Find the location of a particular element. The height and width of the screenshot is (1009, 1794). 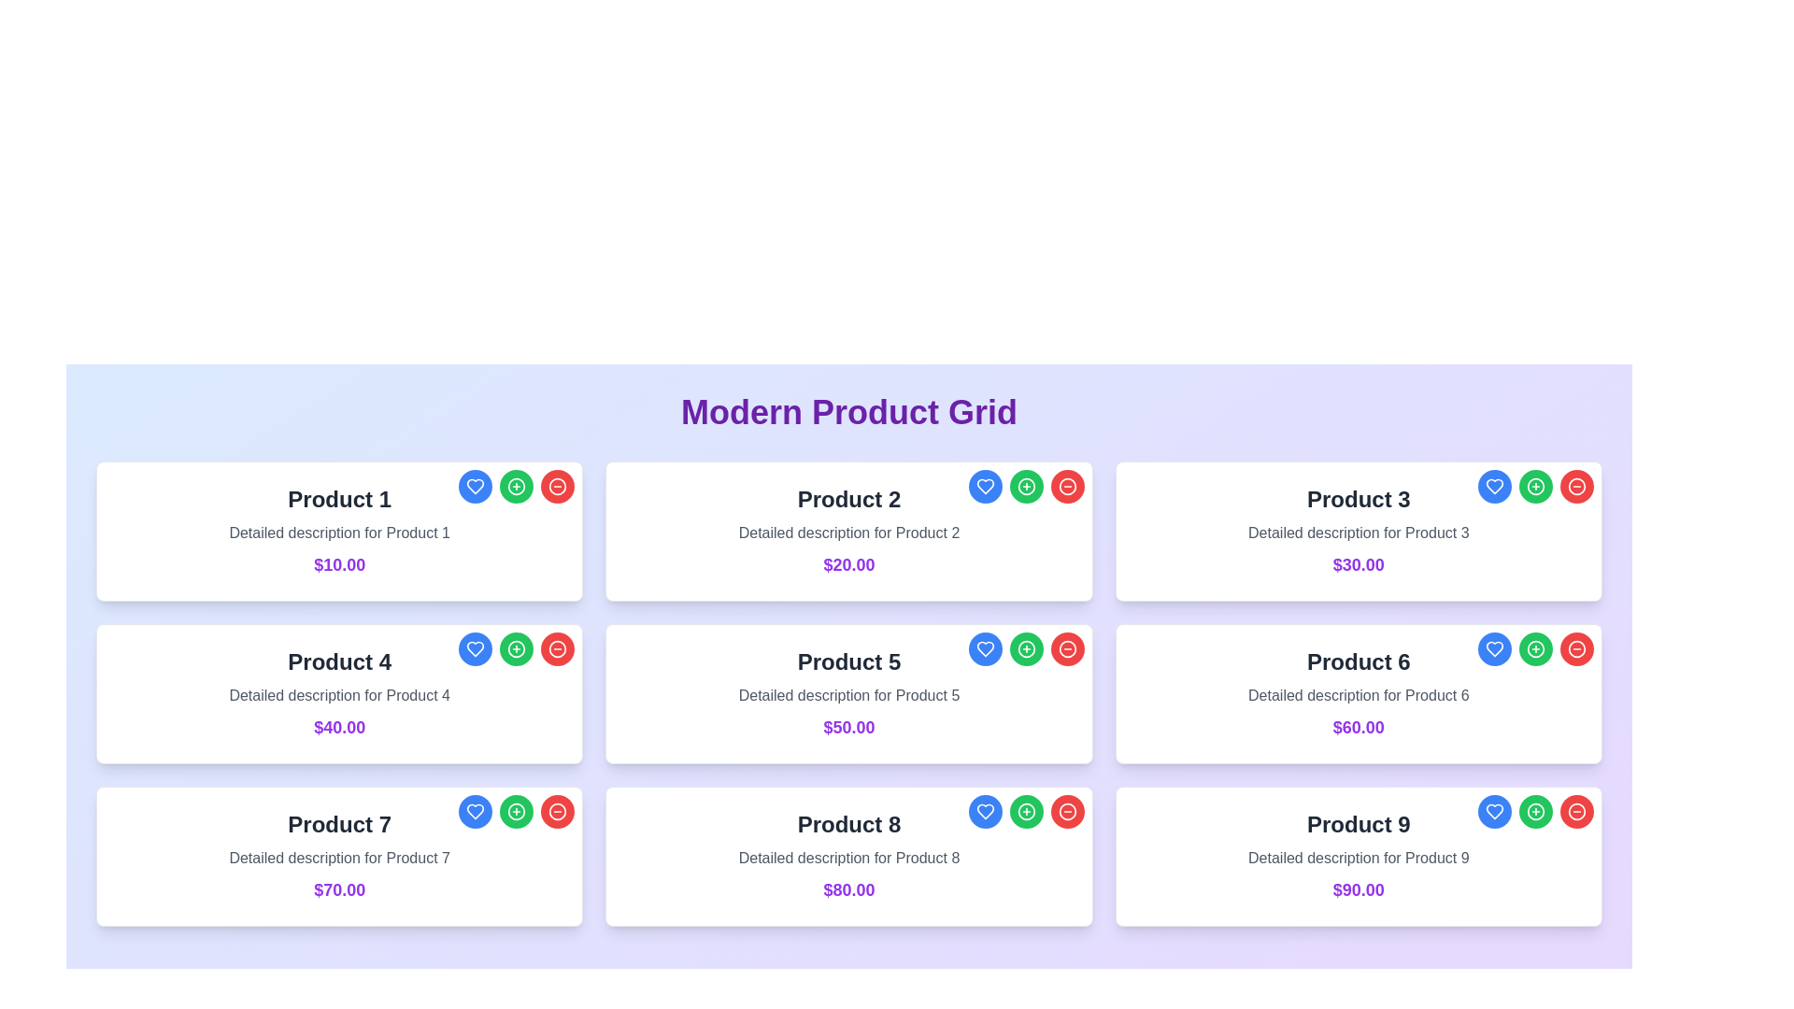

the circular green button with a white plus symbol located at the top right corner of the 'Product 2' card is located at coordinates (1025, 485).